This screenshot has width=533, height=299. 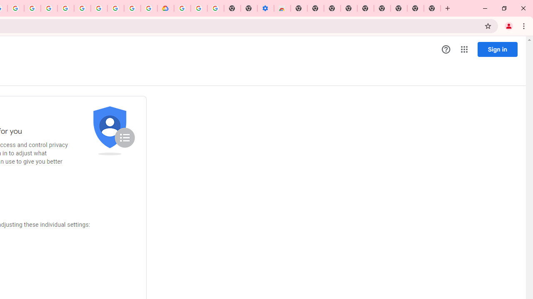 What do you see at coordinates (65, 8) in the screenshot?
I see `'Sign in - Google Accounts'` at bounding box center [65, 8].